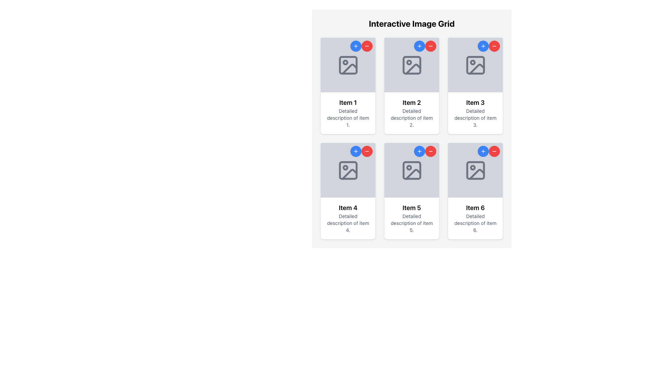 Image resolution: width=668 pixels, height=375 pixels. What do you see at coordinates (475, 117) in the screenshot?
I see `text block displaying 'Detailed description of item 3.' located below the header 'Item 3' in the second column of the first row` at bounding box center [475, 117].